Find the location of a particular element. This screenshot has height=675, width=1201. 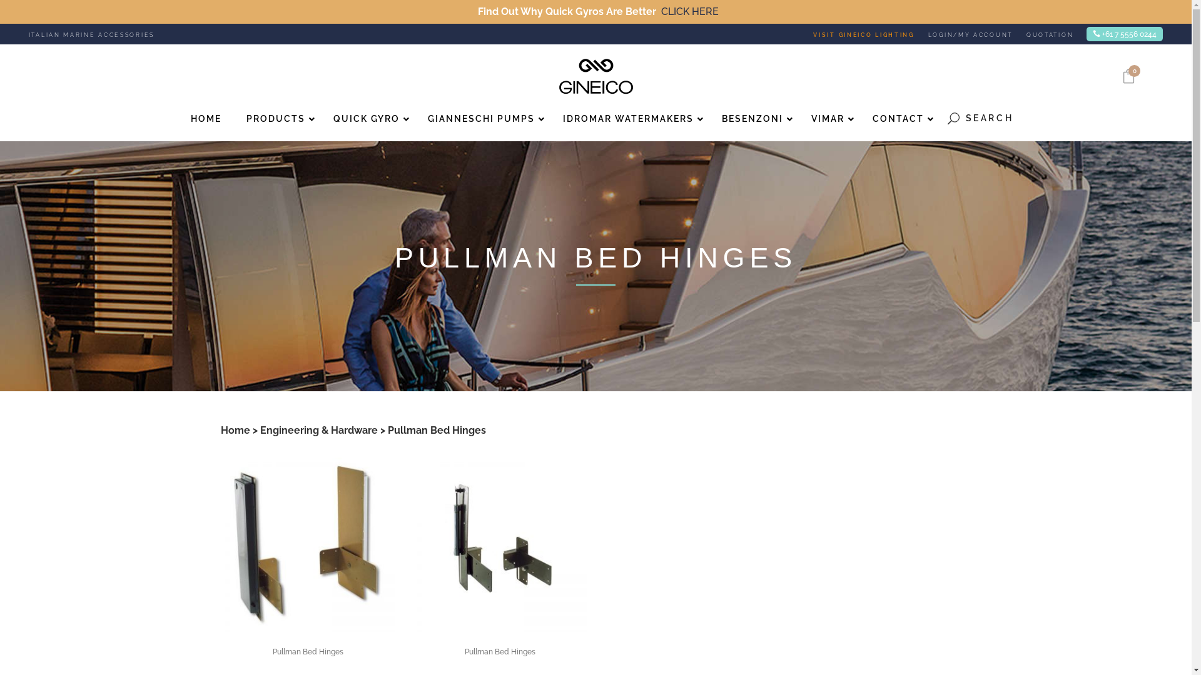

'0' is located at coordinates (1128, 77).